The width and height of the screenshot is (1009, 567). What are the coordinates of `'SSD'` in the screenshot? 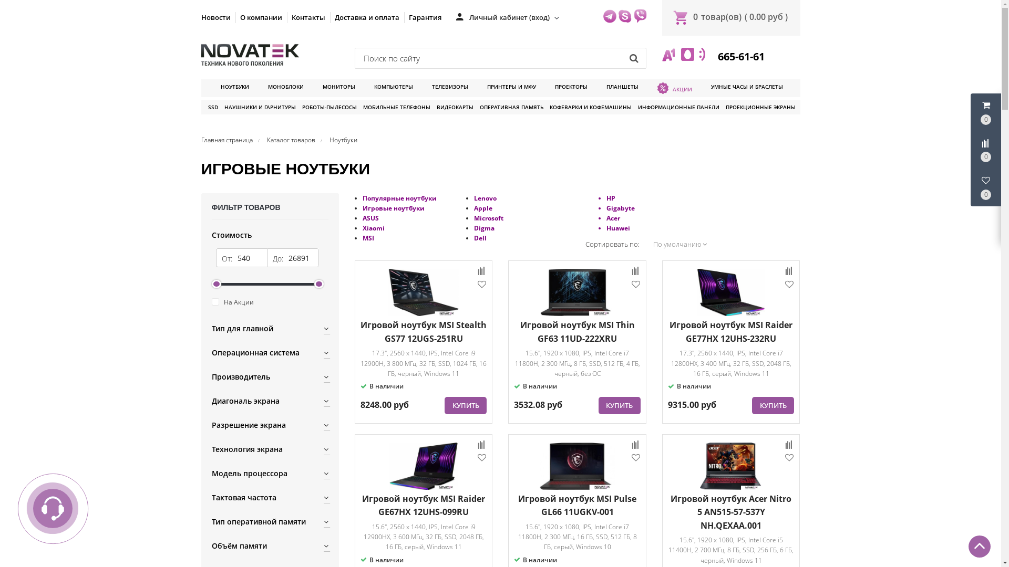 It's located at (212, 107).